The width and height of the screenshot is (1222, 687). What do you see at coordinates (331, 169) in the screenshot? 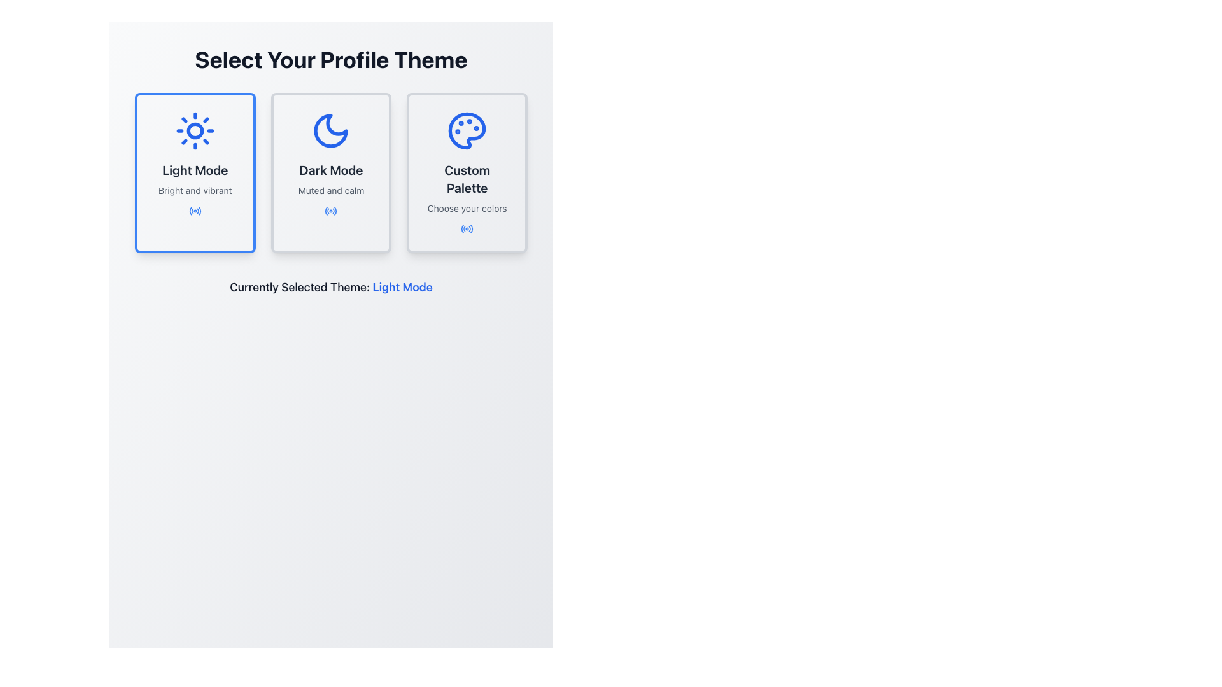
I see `the 'Dark Mode' text element, which is displayed in a bold and large font, styled in dark gray and centered within its card` at bounding box center [331, 169].